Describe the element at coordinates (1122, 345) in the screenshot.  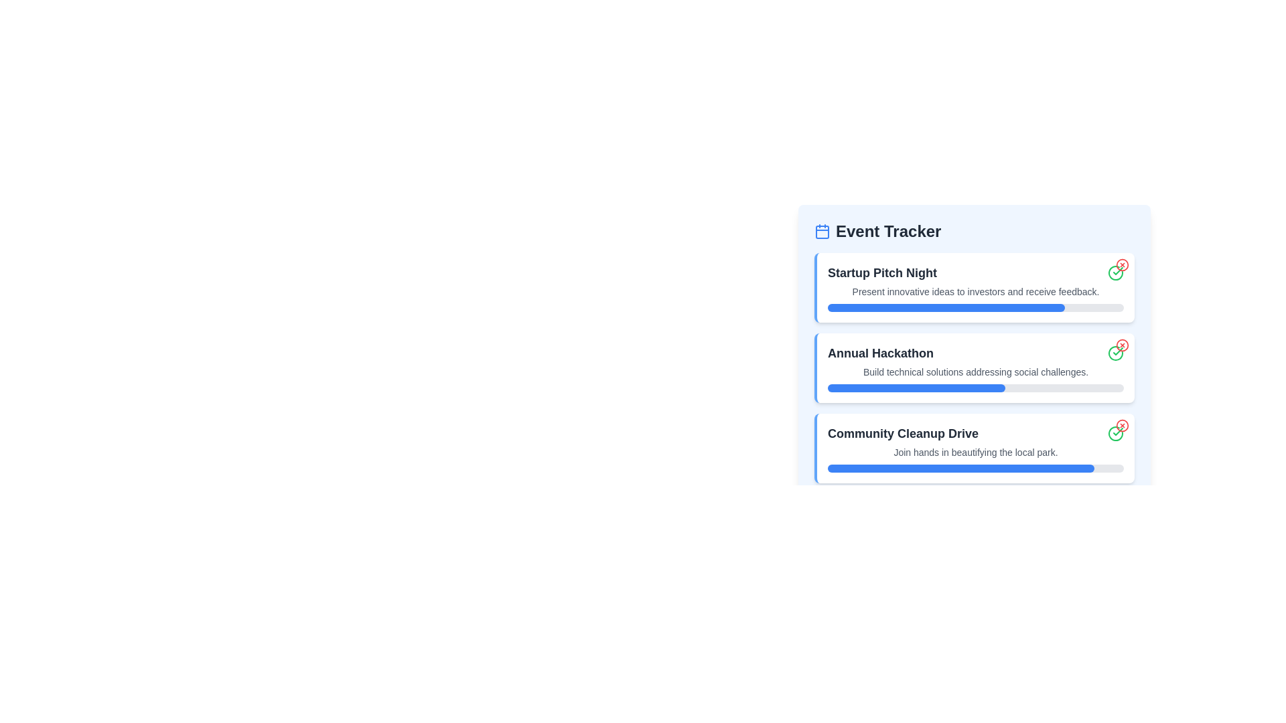
I see `the red circular button with a cross inside, located in the top-right corner of the 'Annual Hackathon' event card` at that location.